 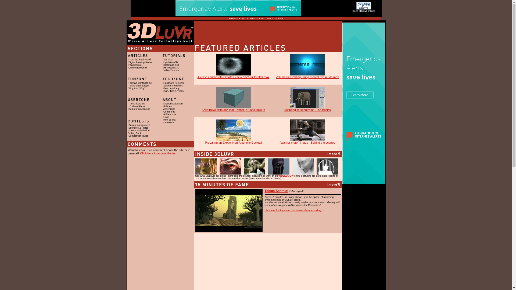 What do you see at coordinates (139, 60) in the screenshot?
I see `'From the Real World'` at bounding box center [139, 60].